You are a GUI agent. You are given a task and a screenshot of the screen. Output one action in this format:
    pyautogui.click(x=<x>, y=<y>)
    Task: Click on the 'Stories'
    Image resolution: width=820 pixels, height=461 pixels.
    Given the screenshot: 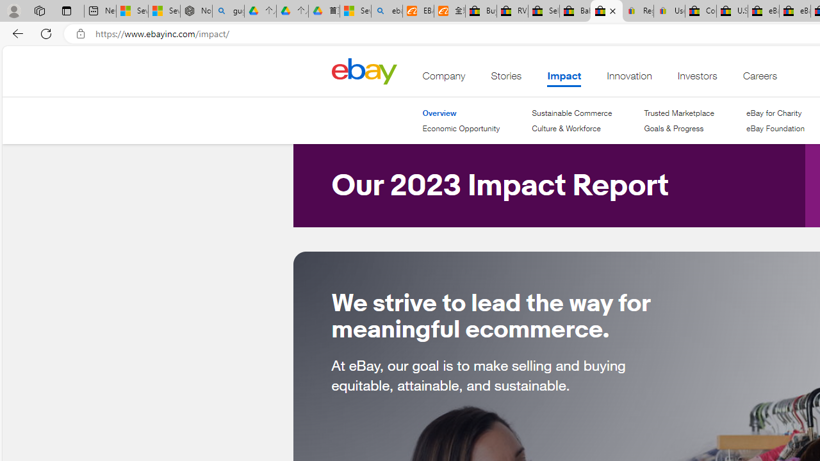 What is the action you would take?
    pyautogui.click(x=505, y=79)
    